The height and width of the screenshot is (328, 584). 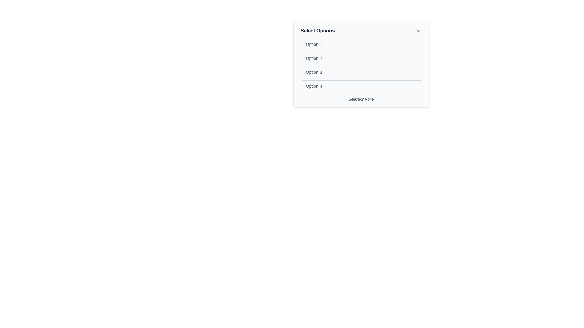 What do you see at coordinates (361, 44) in the screenshot?
I see `the 'Option 1' button which is the first choice in the 'Select Options' list` at bounding box center [361, 44].